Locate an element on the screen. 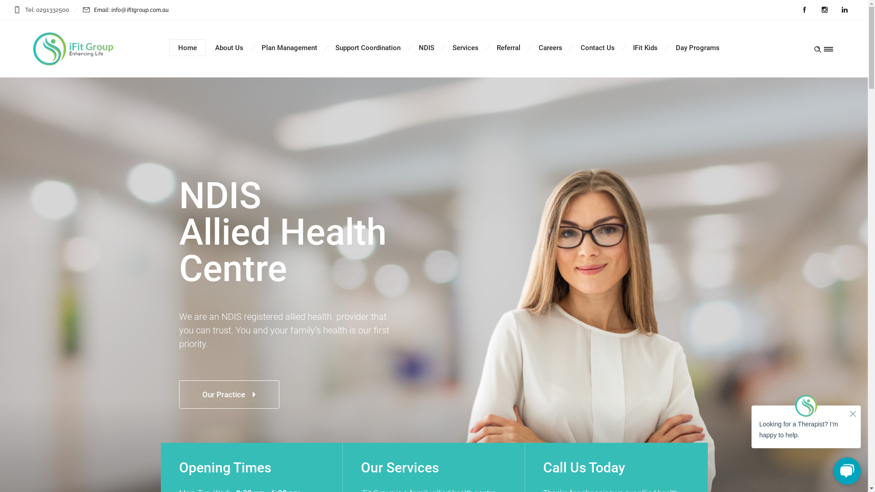 The image size is (875, 492). 'Our Practice' is located at coordinates (229, 394).